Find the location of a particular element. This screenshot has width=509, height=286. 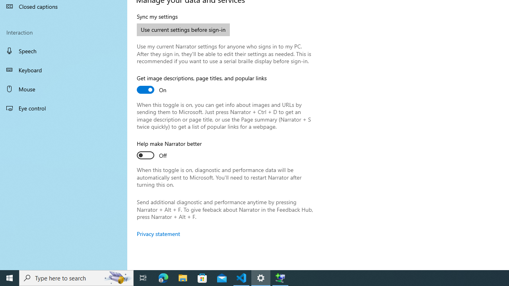

'Use current settings before sign-in' is located at coordinates (183, 29).